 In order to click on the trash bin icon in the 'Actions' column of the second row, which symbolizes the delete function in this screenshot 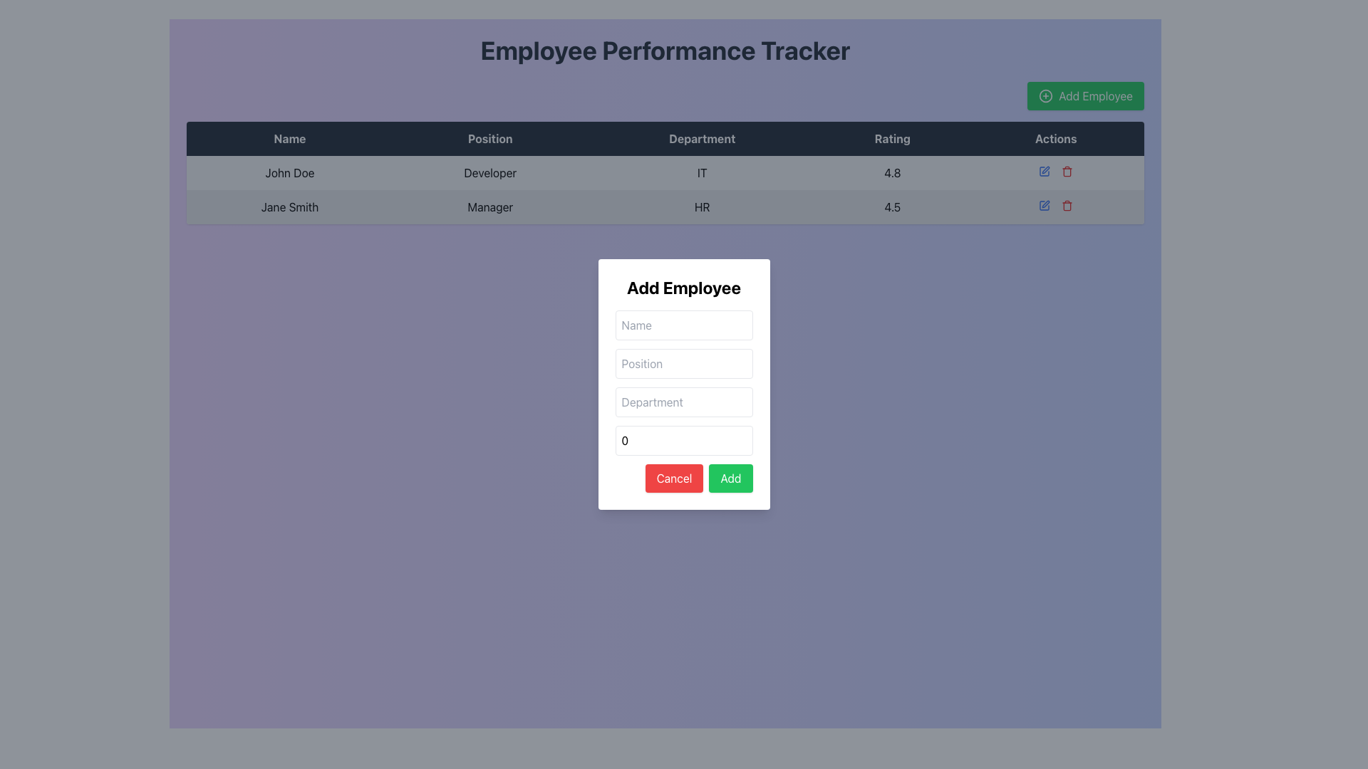, I will do `click(1067, 172)`.